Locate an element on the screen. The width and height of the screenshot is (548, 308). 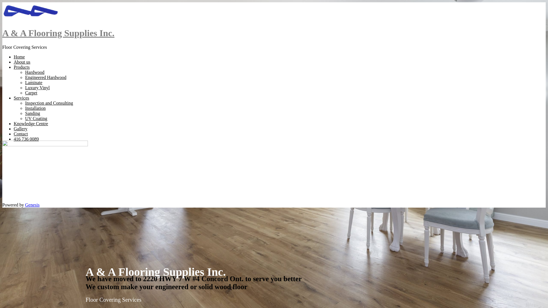
'Knowledge Centre' is located at coordinates (30, 123).